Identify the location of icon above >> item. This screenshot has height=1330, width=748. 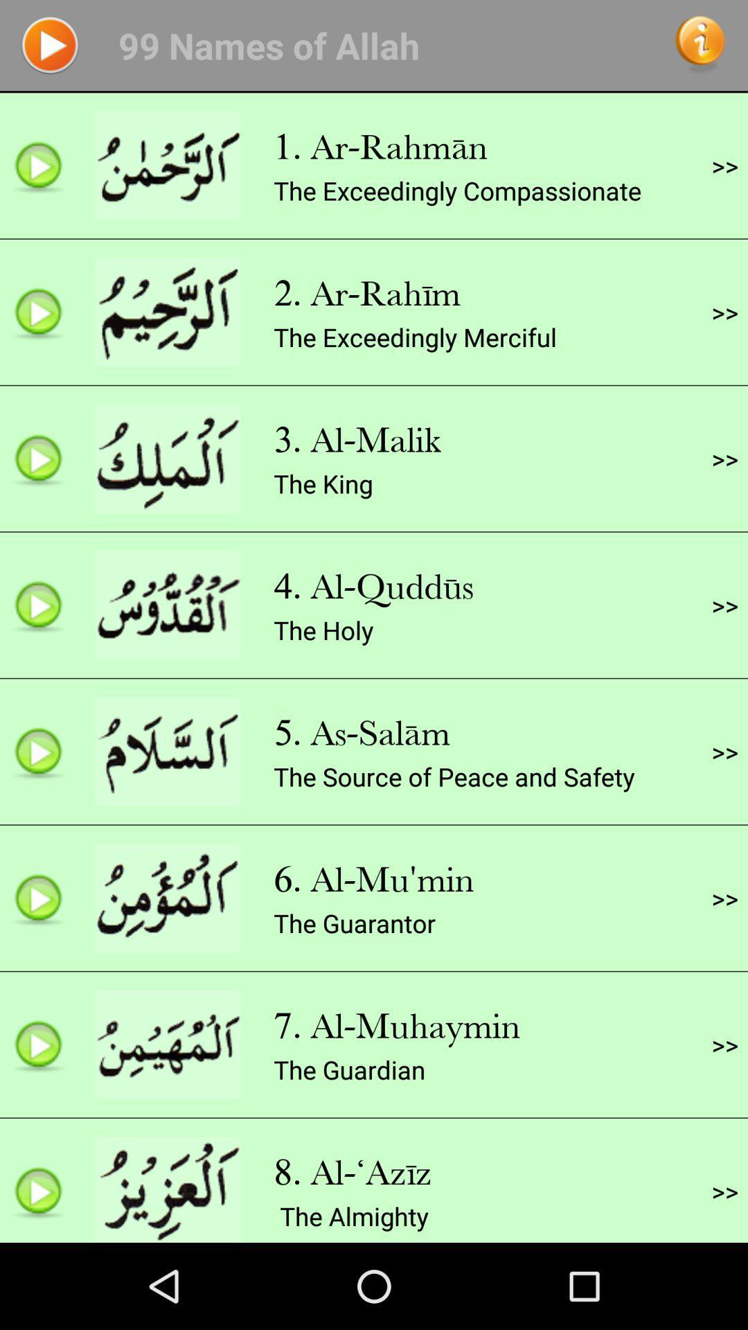
(724, 311).